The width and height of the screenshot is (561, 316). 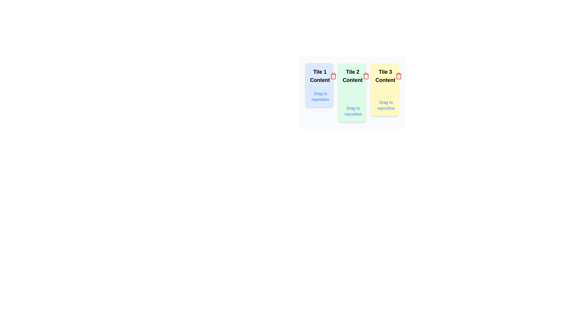 I want to click on the delete button located at the top-right corner of the 'Tile 3 Content' tile to observe any potential hover effect, so click(x=398, y=75).